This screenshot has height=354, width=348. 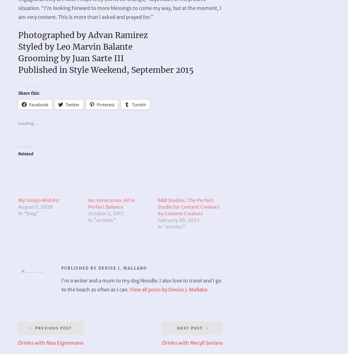 What do you see at coordinates (28, 123) in the screenshot?
I see `'Loading...'` at bounding box center [28, 123].